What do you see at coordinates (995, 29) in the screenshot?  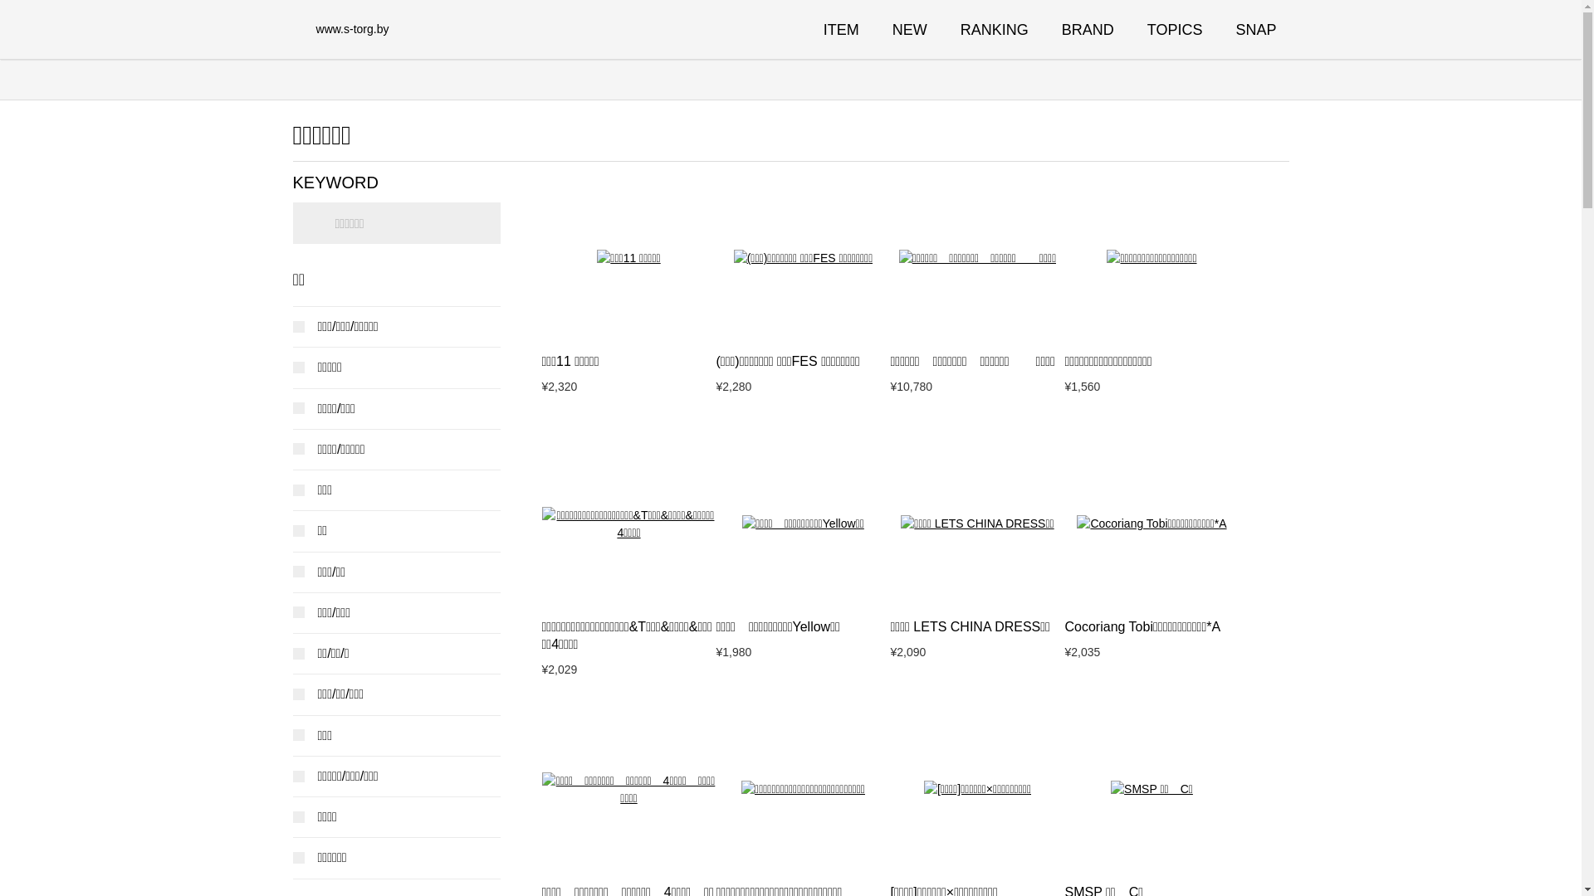 I see `'RANKING'` at bounding box center [995, 29].